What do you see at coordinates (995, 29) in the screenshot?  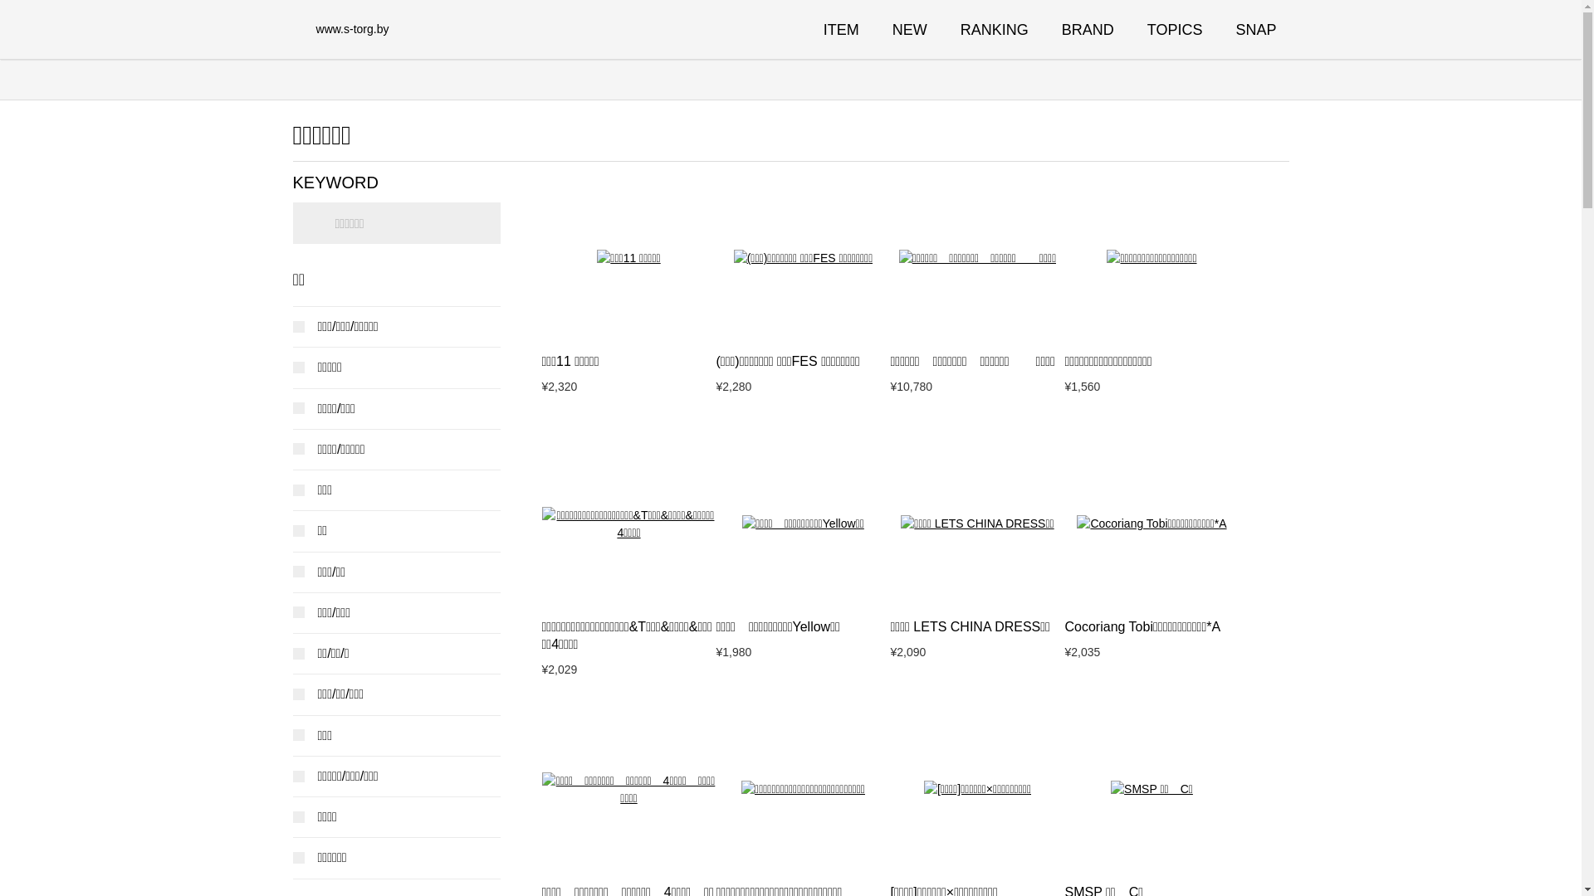 I see `'RANKING'` at bounding box center [995, 29].